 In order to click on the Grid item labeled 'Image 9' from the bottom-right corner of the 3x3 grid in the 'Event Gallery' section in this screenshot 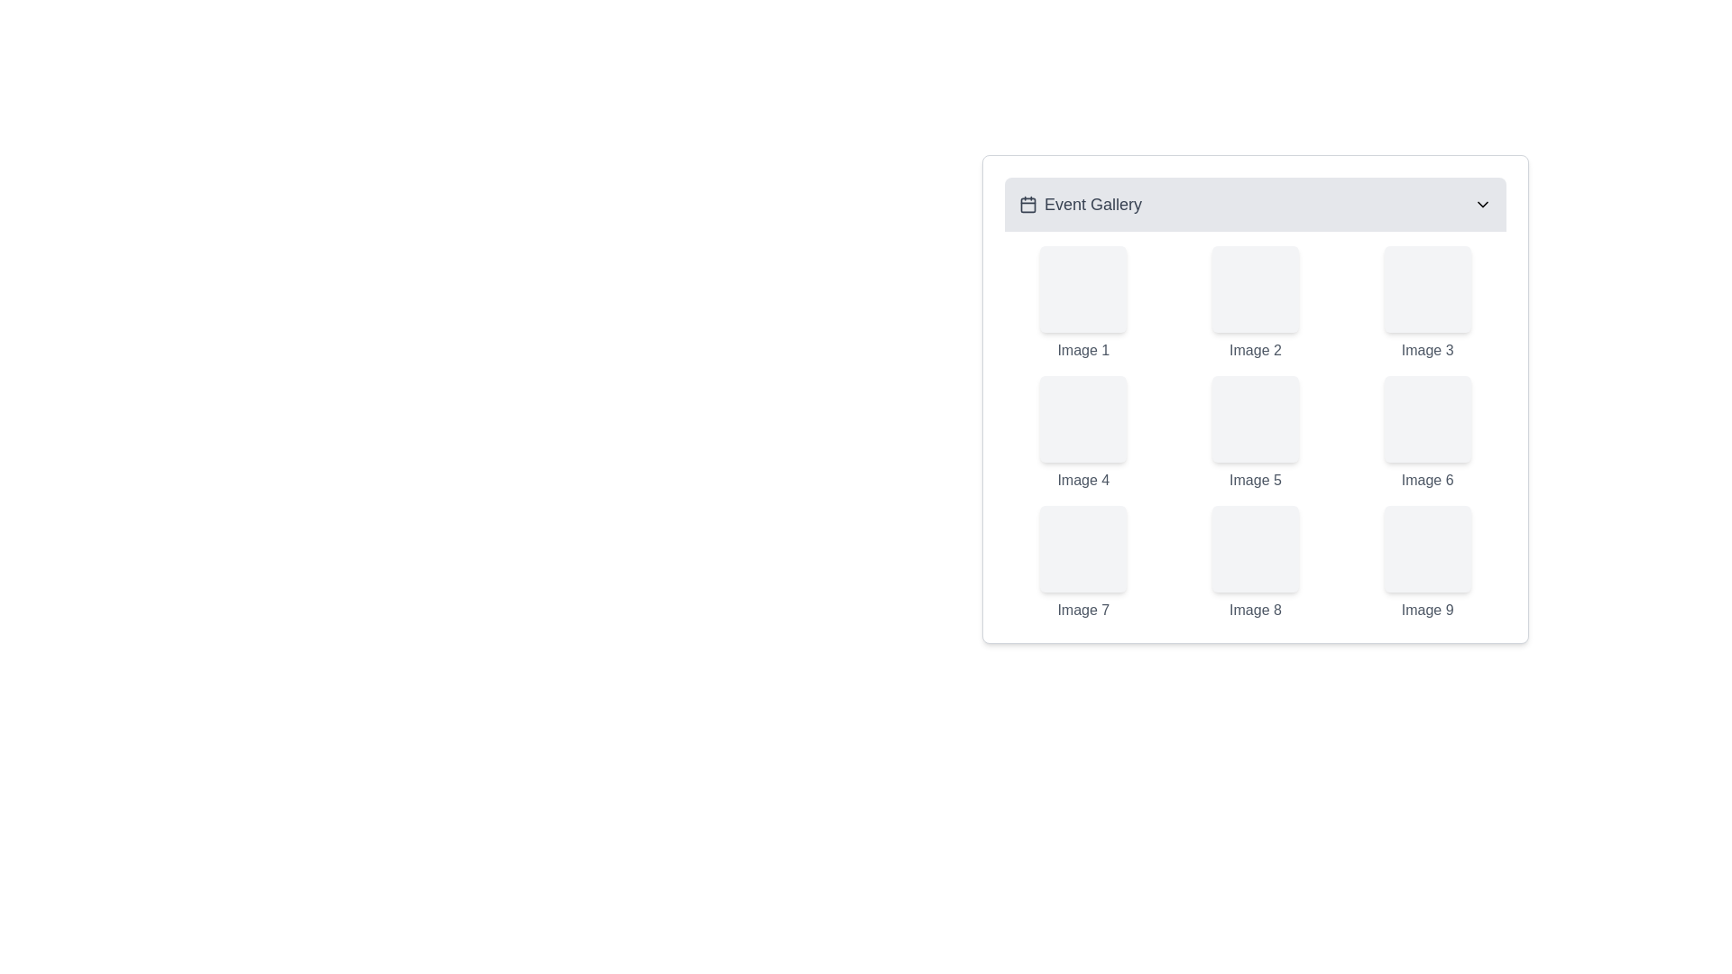, I will do `click(1426, 562)`.